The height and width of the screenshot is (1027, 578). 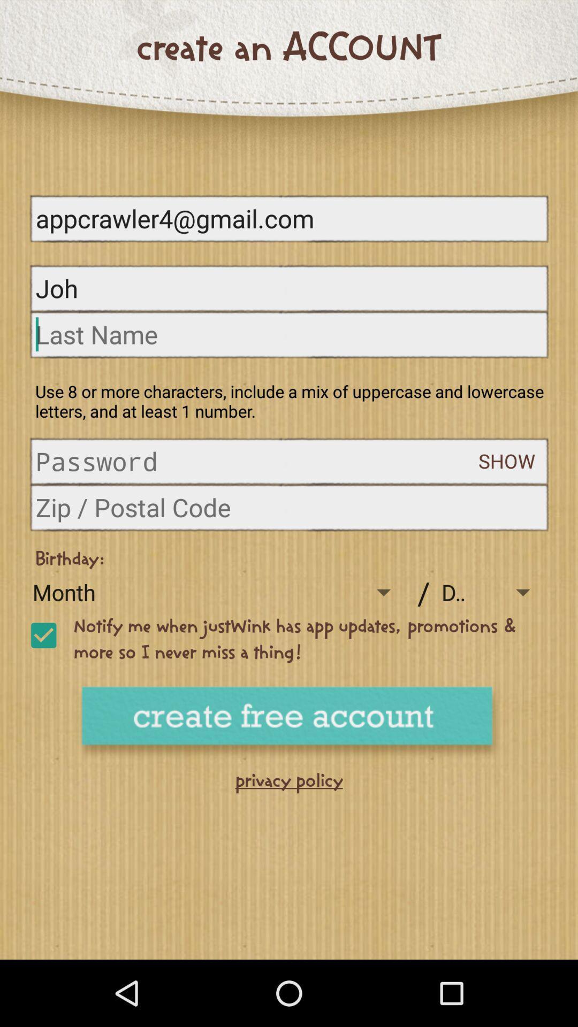 What do you see at coordinates (289, 507) in the screenshot?
I see `zip or postal code` at bounding box center [289, 507].